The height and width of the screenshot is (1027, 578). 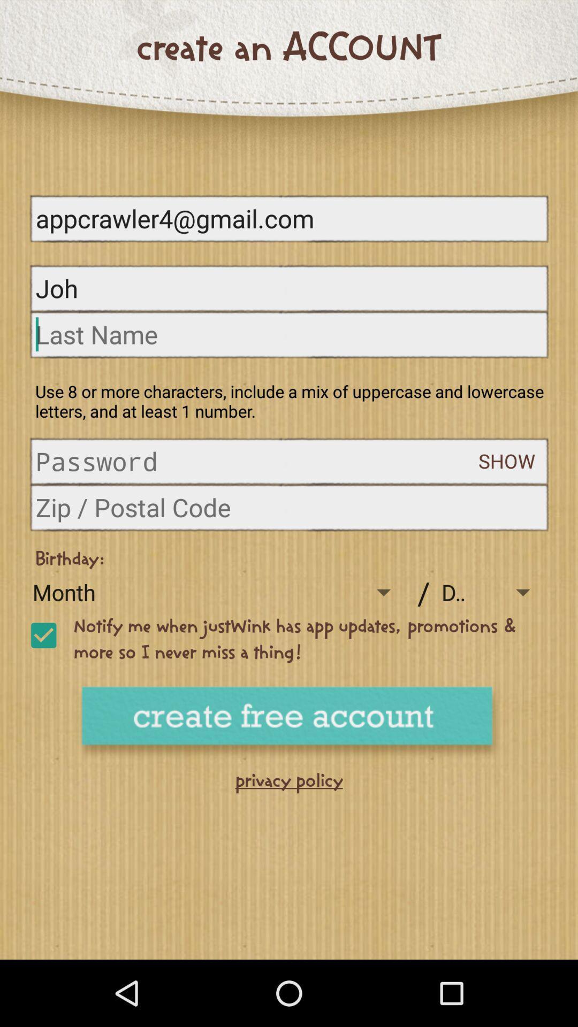 What do you see at coordinates (289, 507) in the screenshot?
I see `zip or postal code` at bounding box center [289, 507].